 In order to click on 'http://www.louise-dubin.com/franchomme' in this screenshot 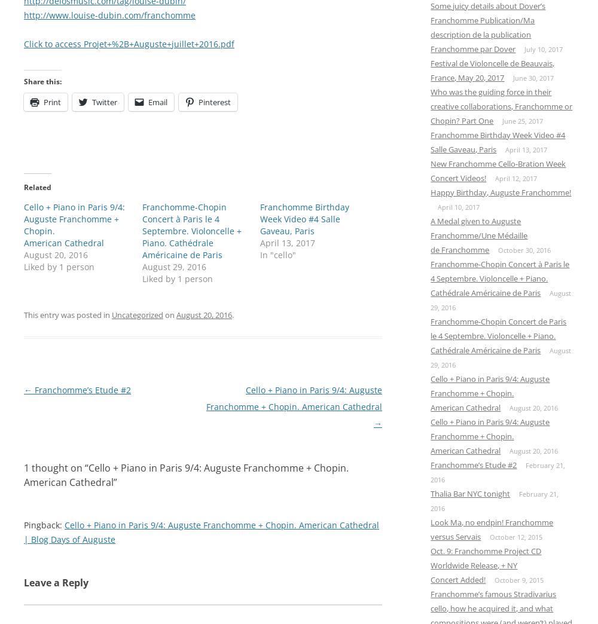, I will do `click(109, 14)`.